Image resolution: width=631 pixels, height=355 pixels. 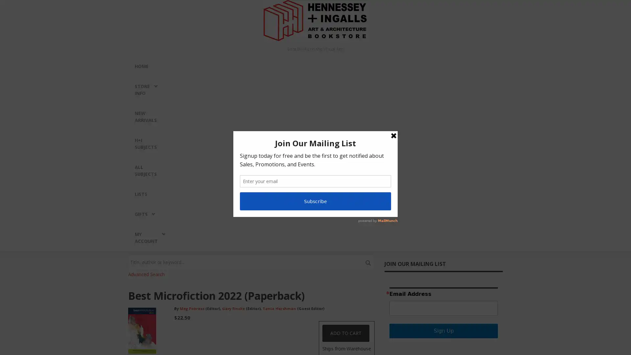 What do you see at coordinates (345, 333) in the screenshot?
I see `Add to Cart` at bounding box center [345, 333].